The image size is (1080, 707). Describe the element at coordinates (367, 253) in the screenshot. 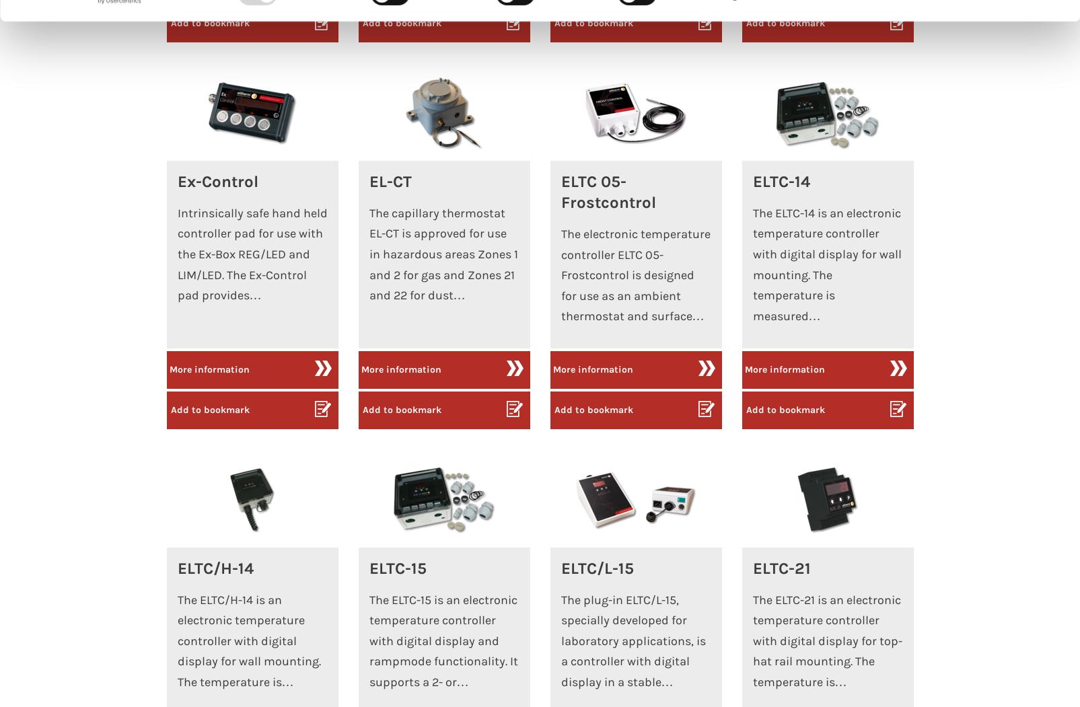

I see `'The capillary thermostat EL-CT is approved for use in hazardous areas Zones 1 and 2 for gas and Zones 21 and 22 for dust…'` at that location.